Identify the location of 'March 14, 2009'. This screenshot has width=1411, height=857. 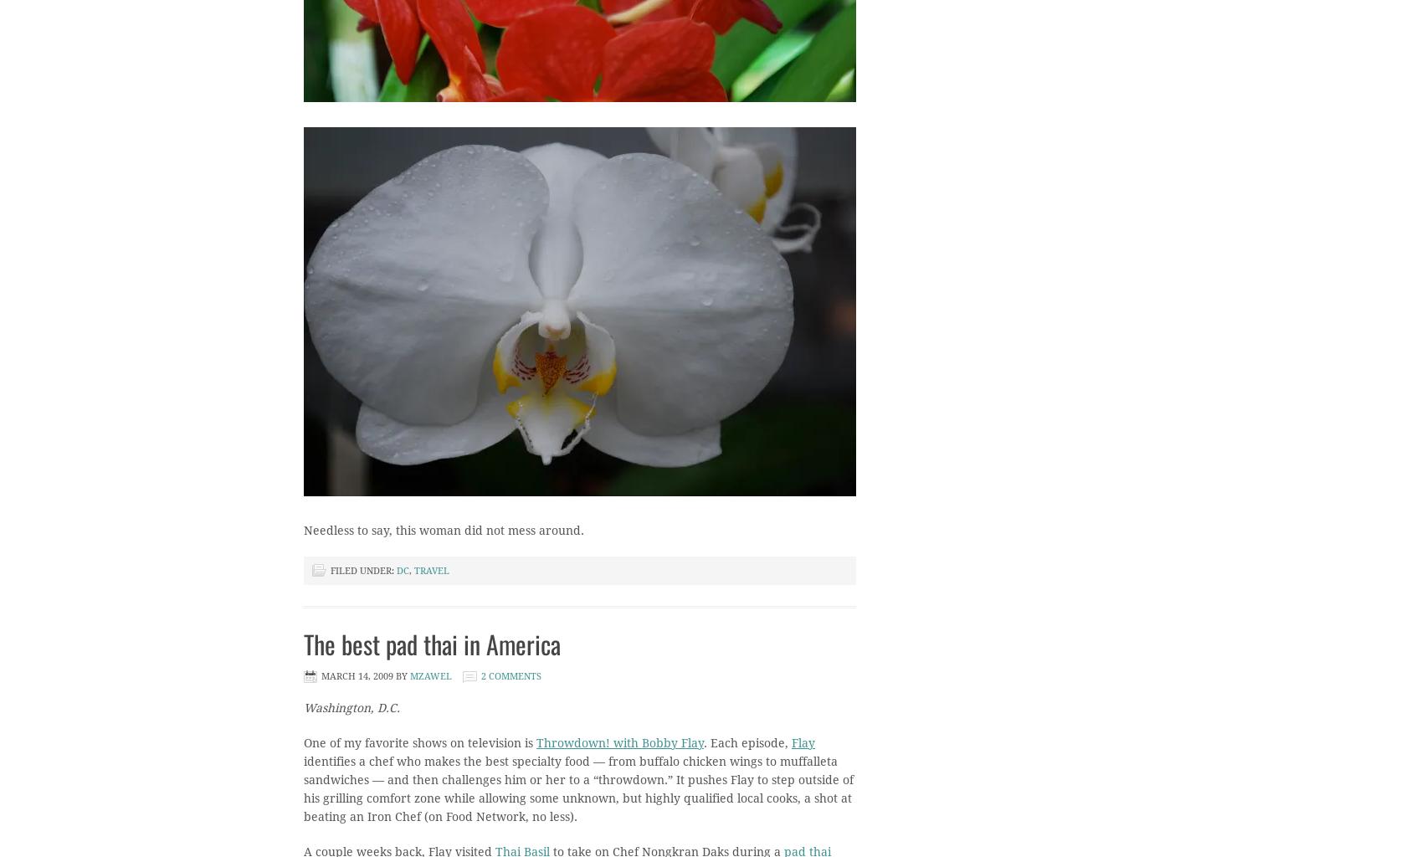
(357, 676).